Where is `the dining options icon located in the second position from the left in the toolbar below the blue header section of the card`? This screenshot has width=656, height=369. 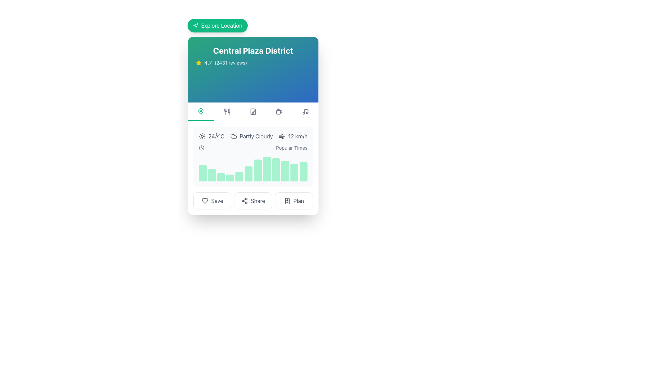 the dining options icon located in the second position from the left in the toolbar below the blue header section of the card is located at coordinates (227, 111).